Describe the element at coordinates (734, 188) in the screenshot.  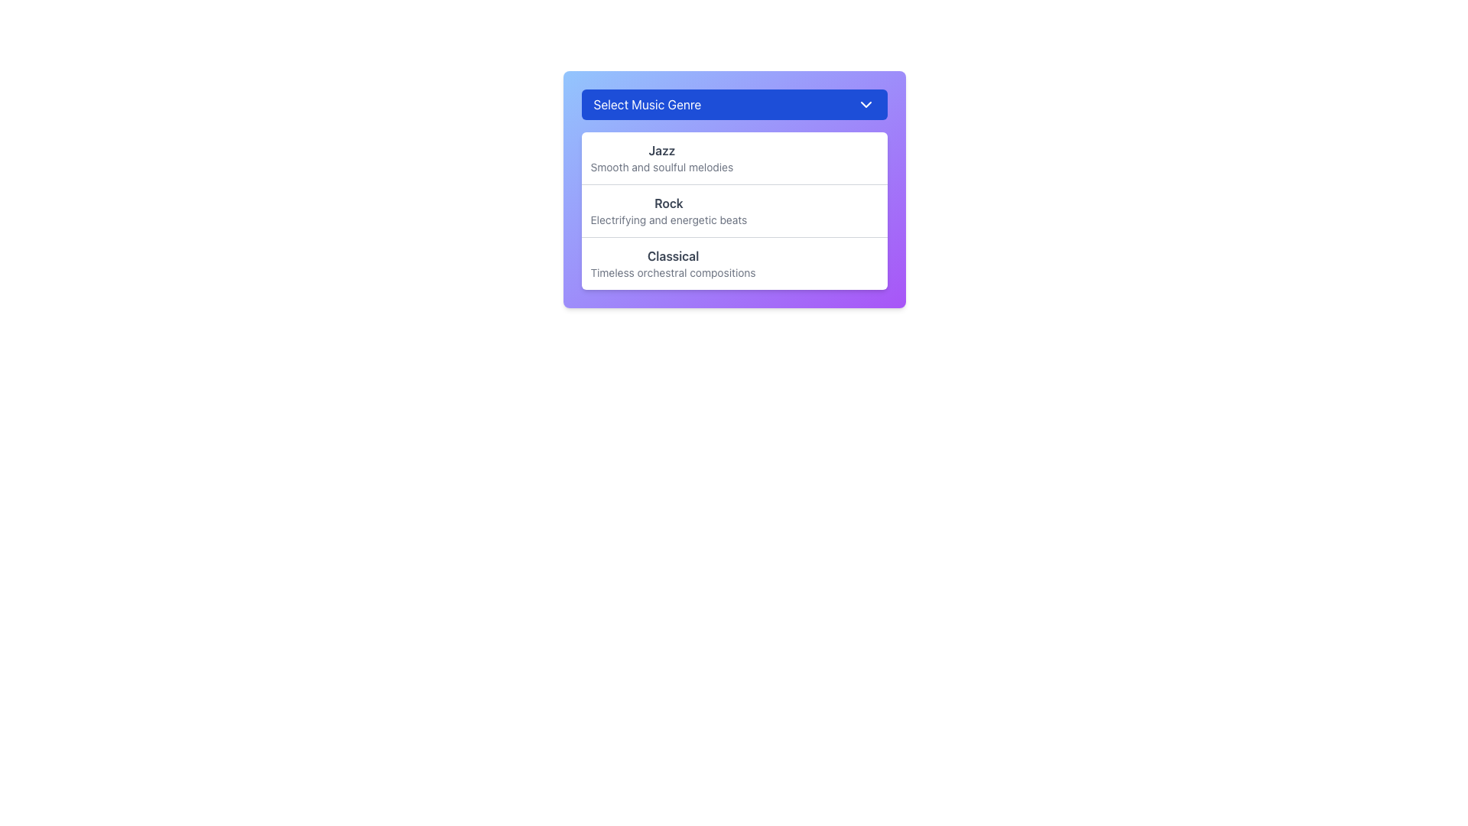
I see `the 'Rock' dropdown menu option, which is the second item in a list of three options labeled 'Jazz', 'Rock', and 'Classical'` at that location.